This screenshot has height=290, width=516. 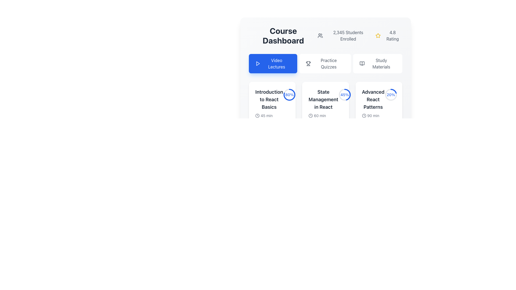 I want to click on the informational card titled 'State Management in React', so click(x=323, y=107).